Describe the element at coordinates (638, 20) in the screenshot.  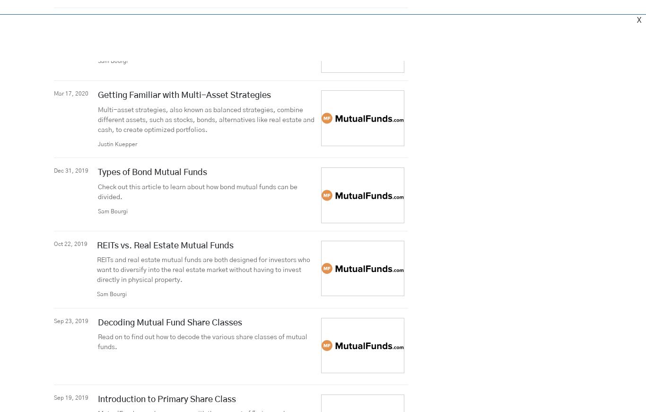
I see `'X'` at that location.